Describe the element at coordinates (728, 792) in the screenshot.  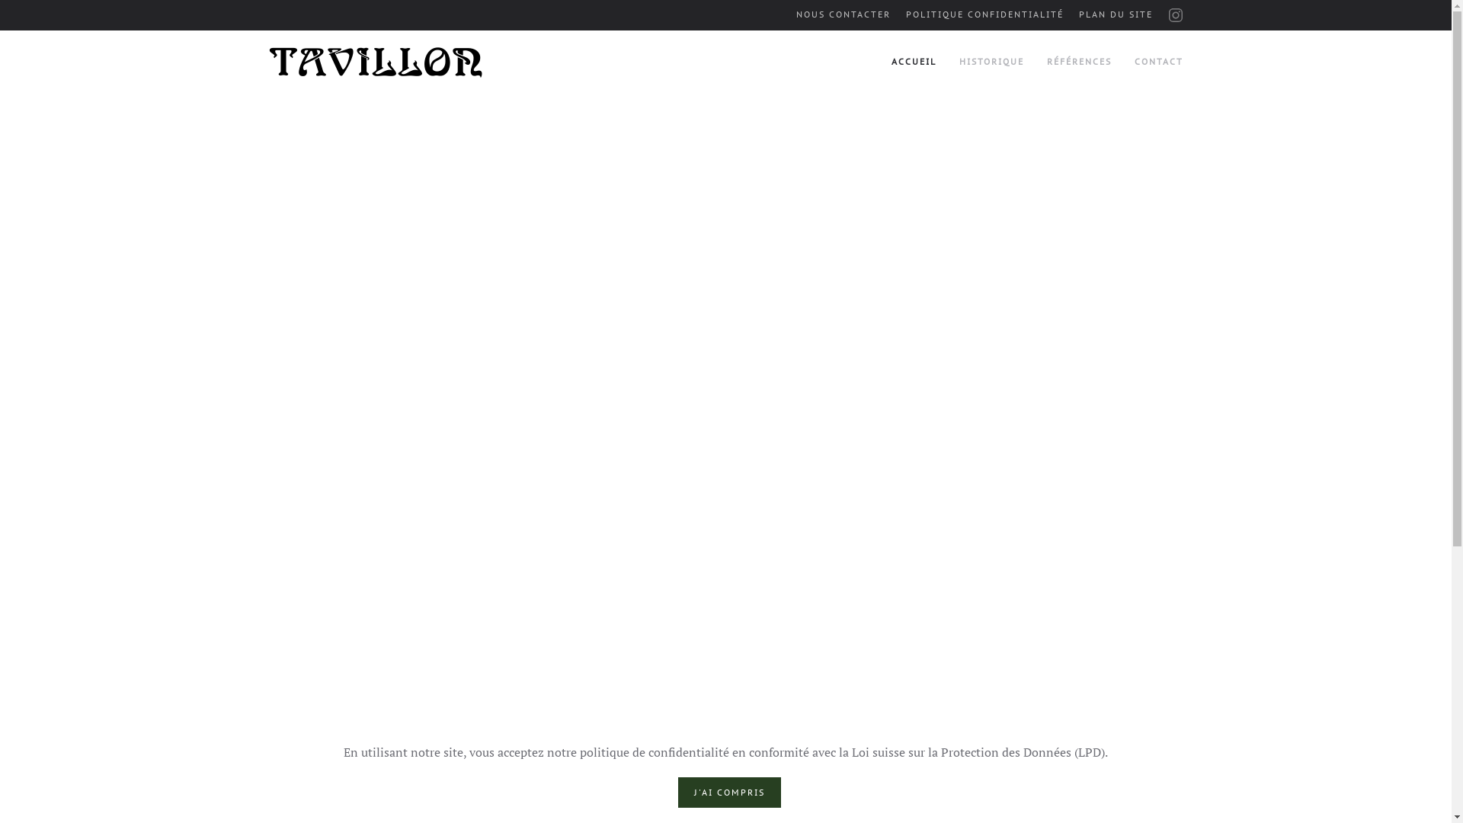
I see `'J'AI COMPRIS'` at that location.